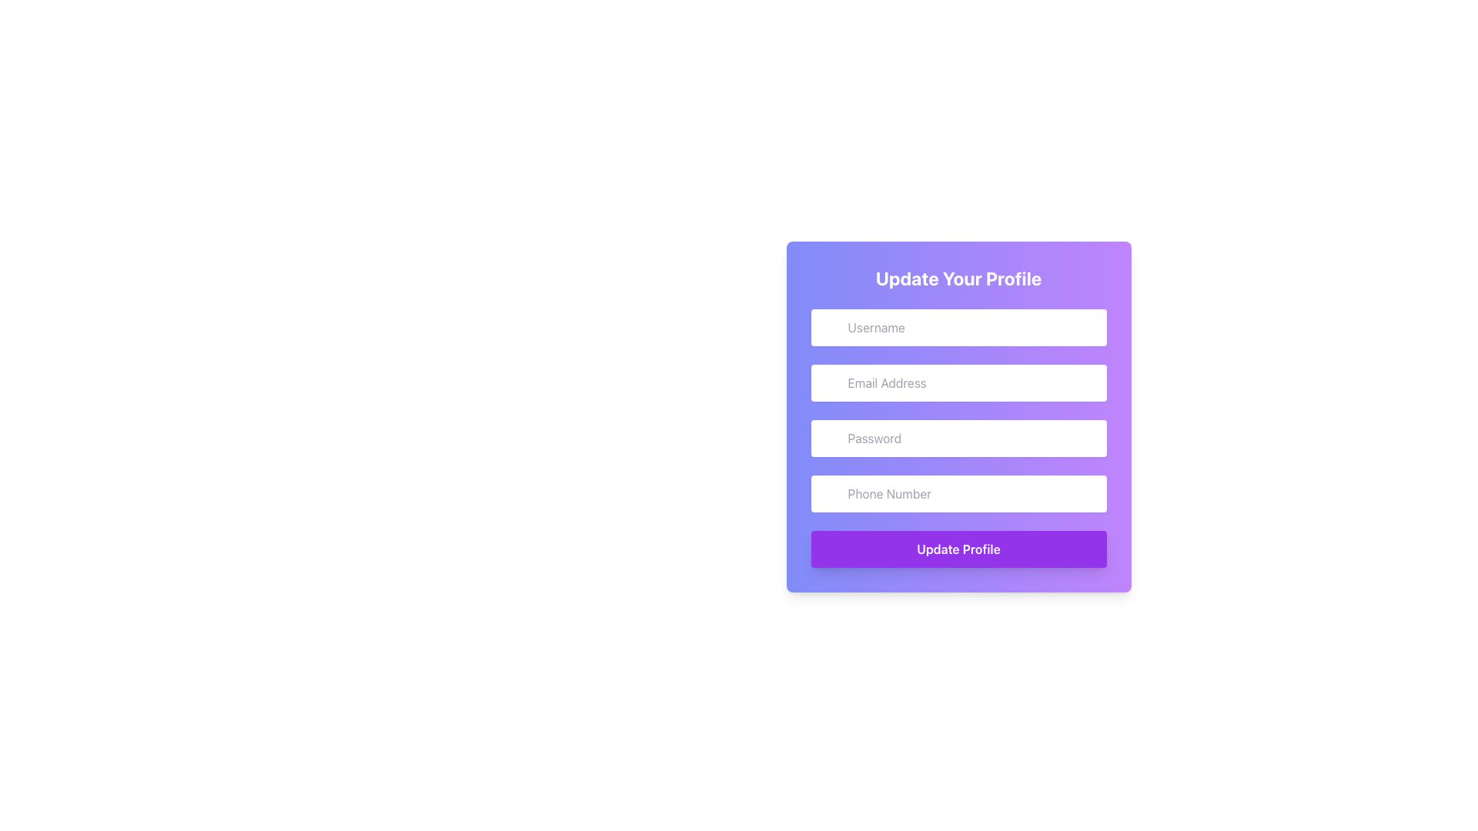  I want to click on over the text input box labeled 'Phone Number', which has rounded corners and a white background, so click(958, 493).